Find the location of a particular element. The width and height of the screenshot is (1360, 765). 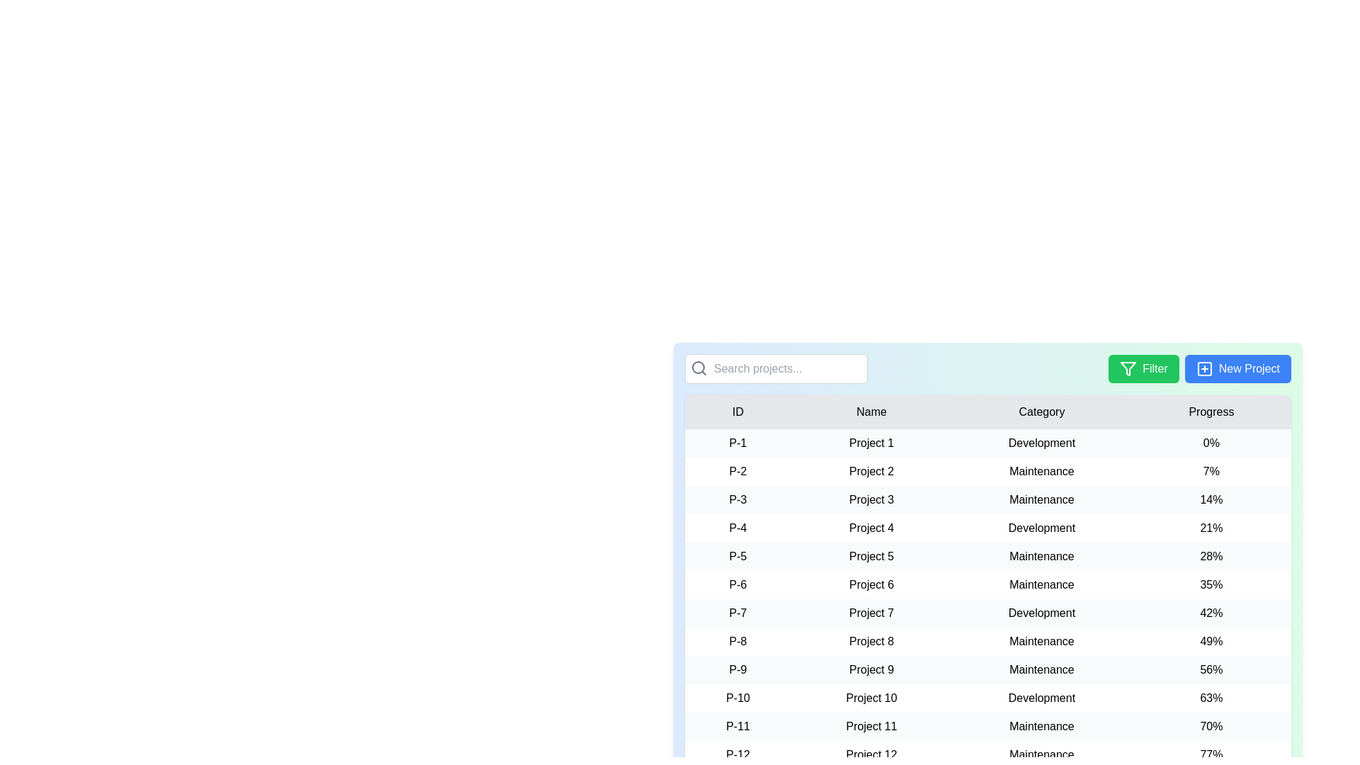

the New Project button to view its hover effect is located at coordinates (1237, 368).